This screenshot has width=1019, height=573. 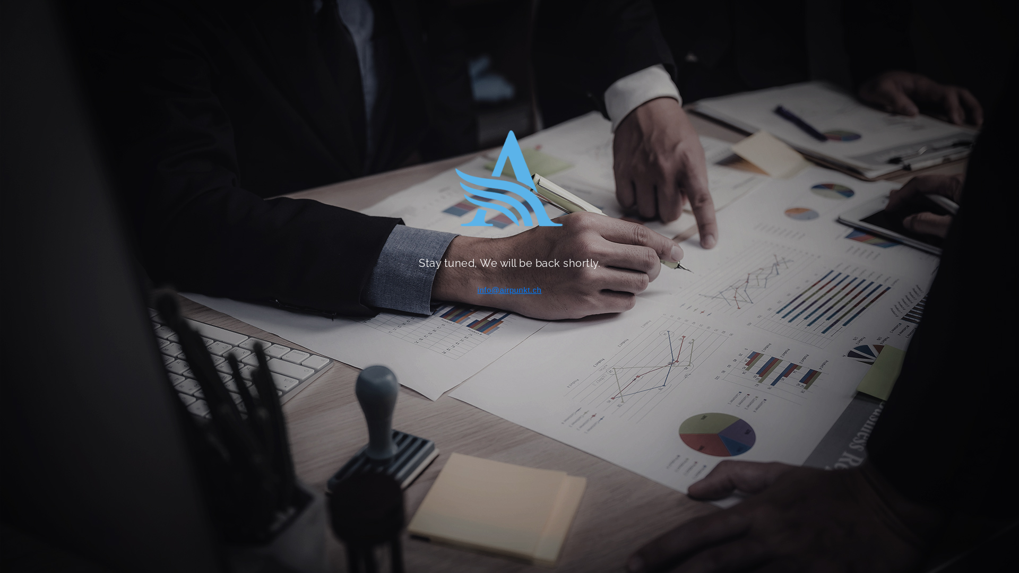 What do you see at coordinates (509, 290) in the screenshot?
I see `'info@airpunkt.ch'` at bounding box center [509, 290].